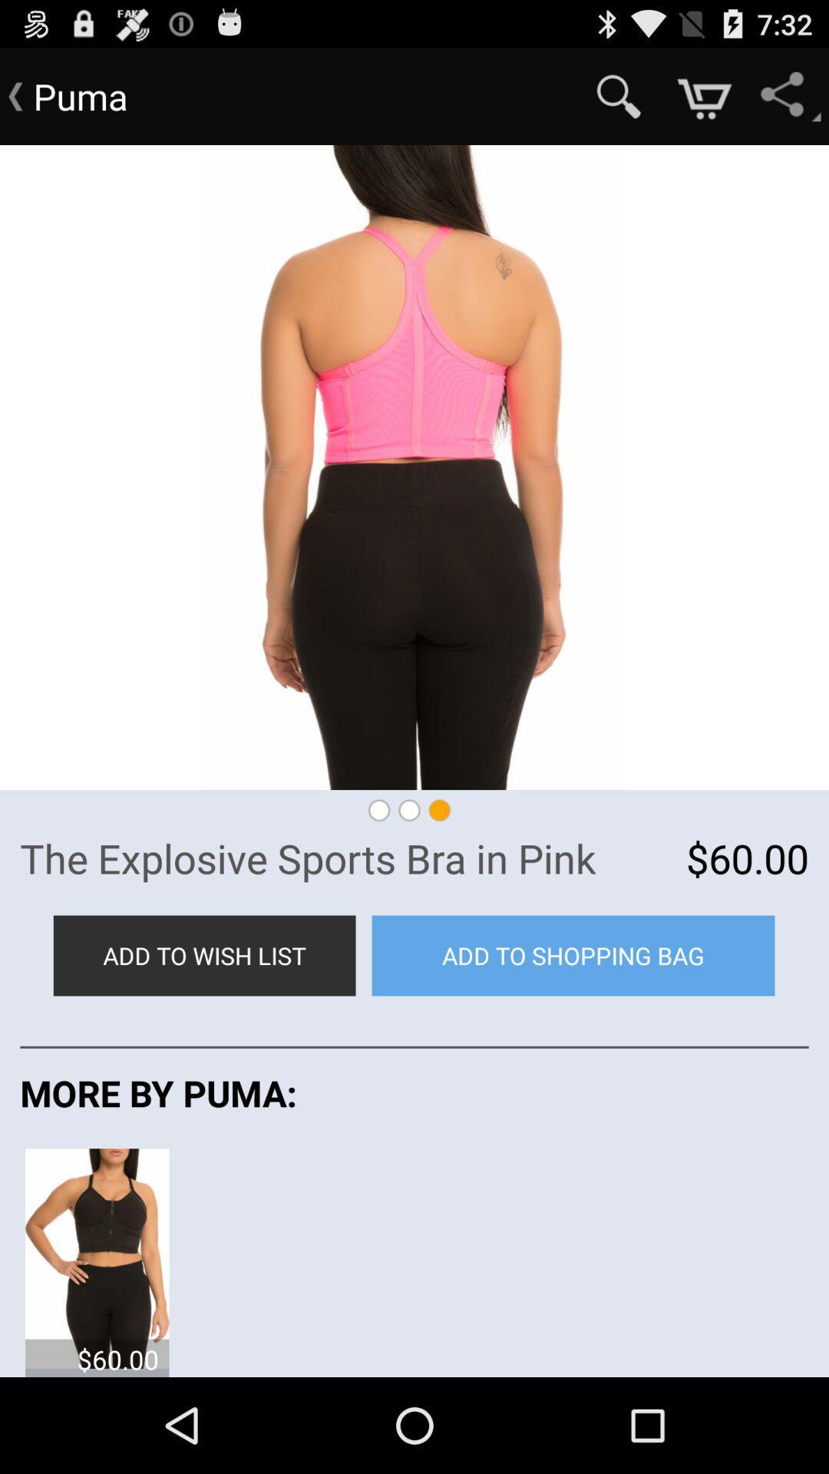 This screenshot has width=829, height=1474. Describe the element at coordinates (97, 1257) in the screenshot. I see `the icon below the more by puma: item` at that location.